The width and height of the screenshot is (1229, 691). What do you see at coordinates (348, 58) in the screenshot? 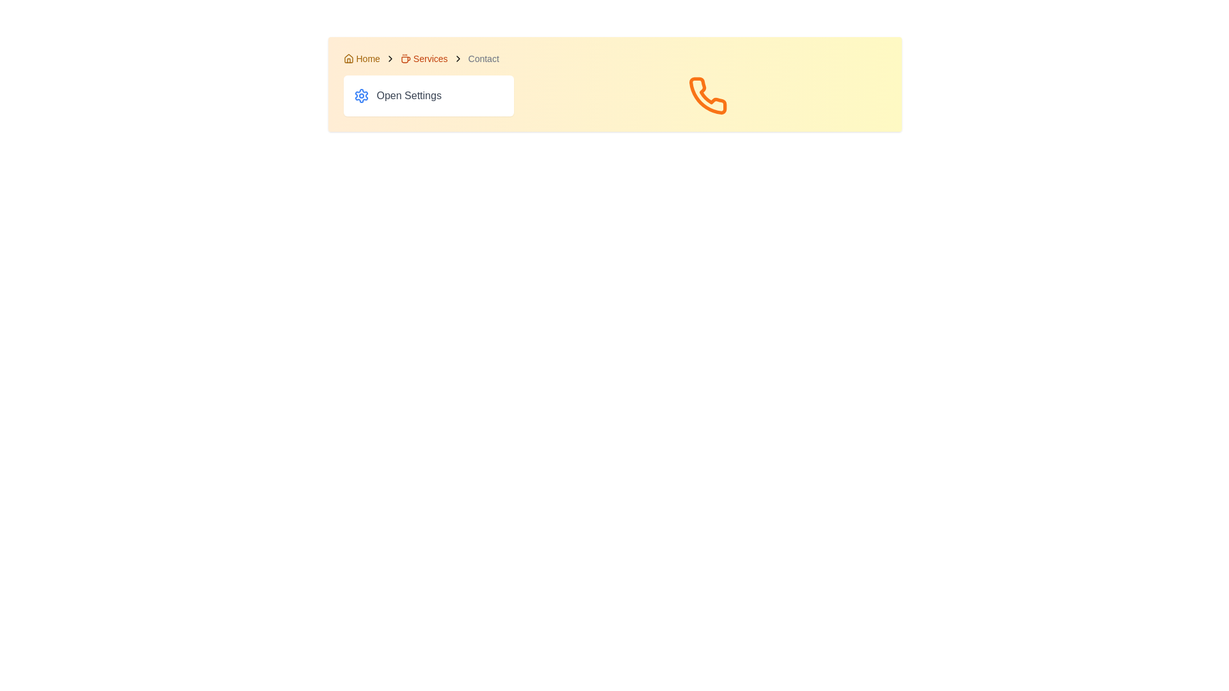
I see `the 'Home' vector graphic icon located in the breadcrumb navigation bar at the top left of the interface` at bounding box center [348, 58].